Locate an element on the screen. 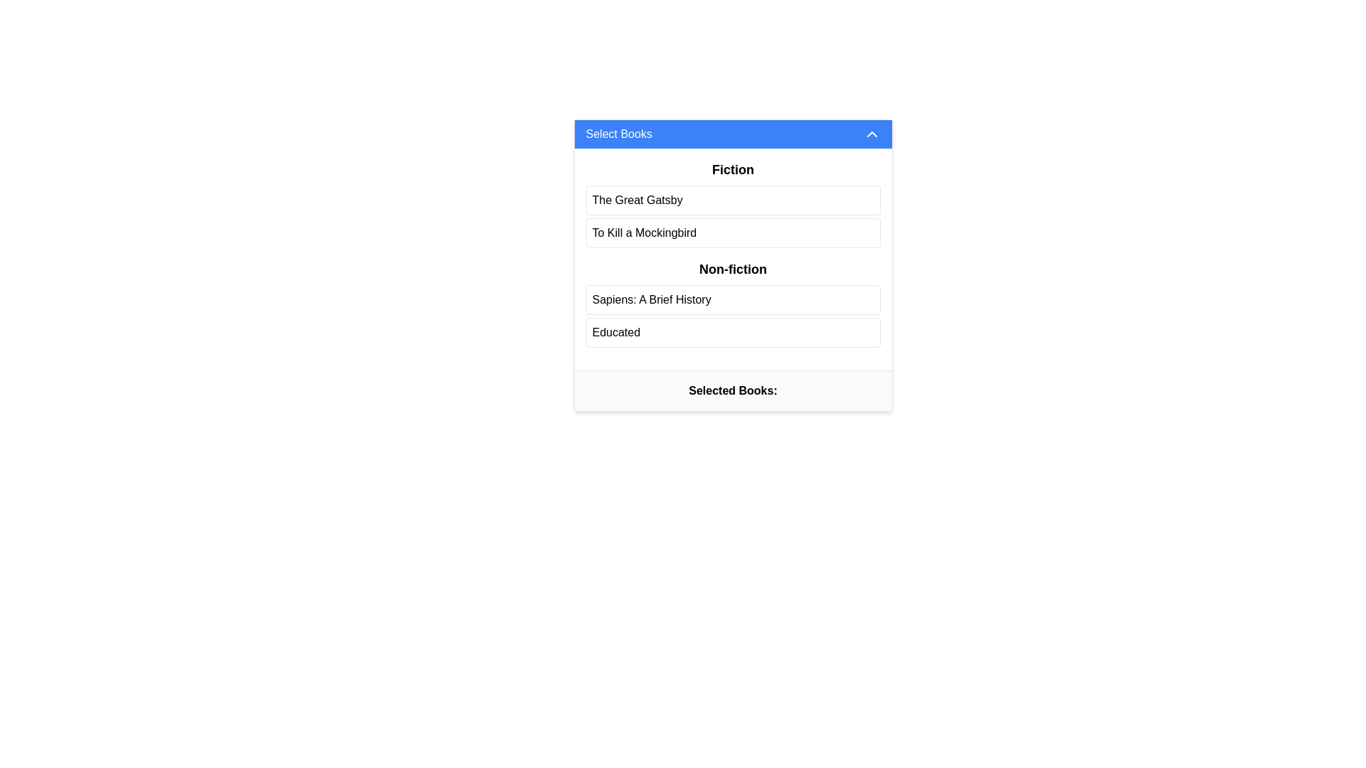 This screenshot has width=1366, height=768. the bold text label that reads 'Non-fiction', which is visually distinct as a header or category title, located centrally in the interface is located at coordinates (733, 269).